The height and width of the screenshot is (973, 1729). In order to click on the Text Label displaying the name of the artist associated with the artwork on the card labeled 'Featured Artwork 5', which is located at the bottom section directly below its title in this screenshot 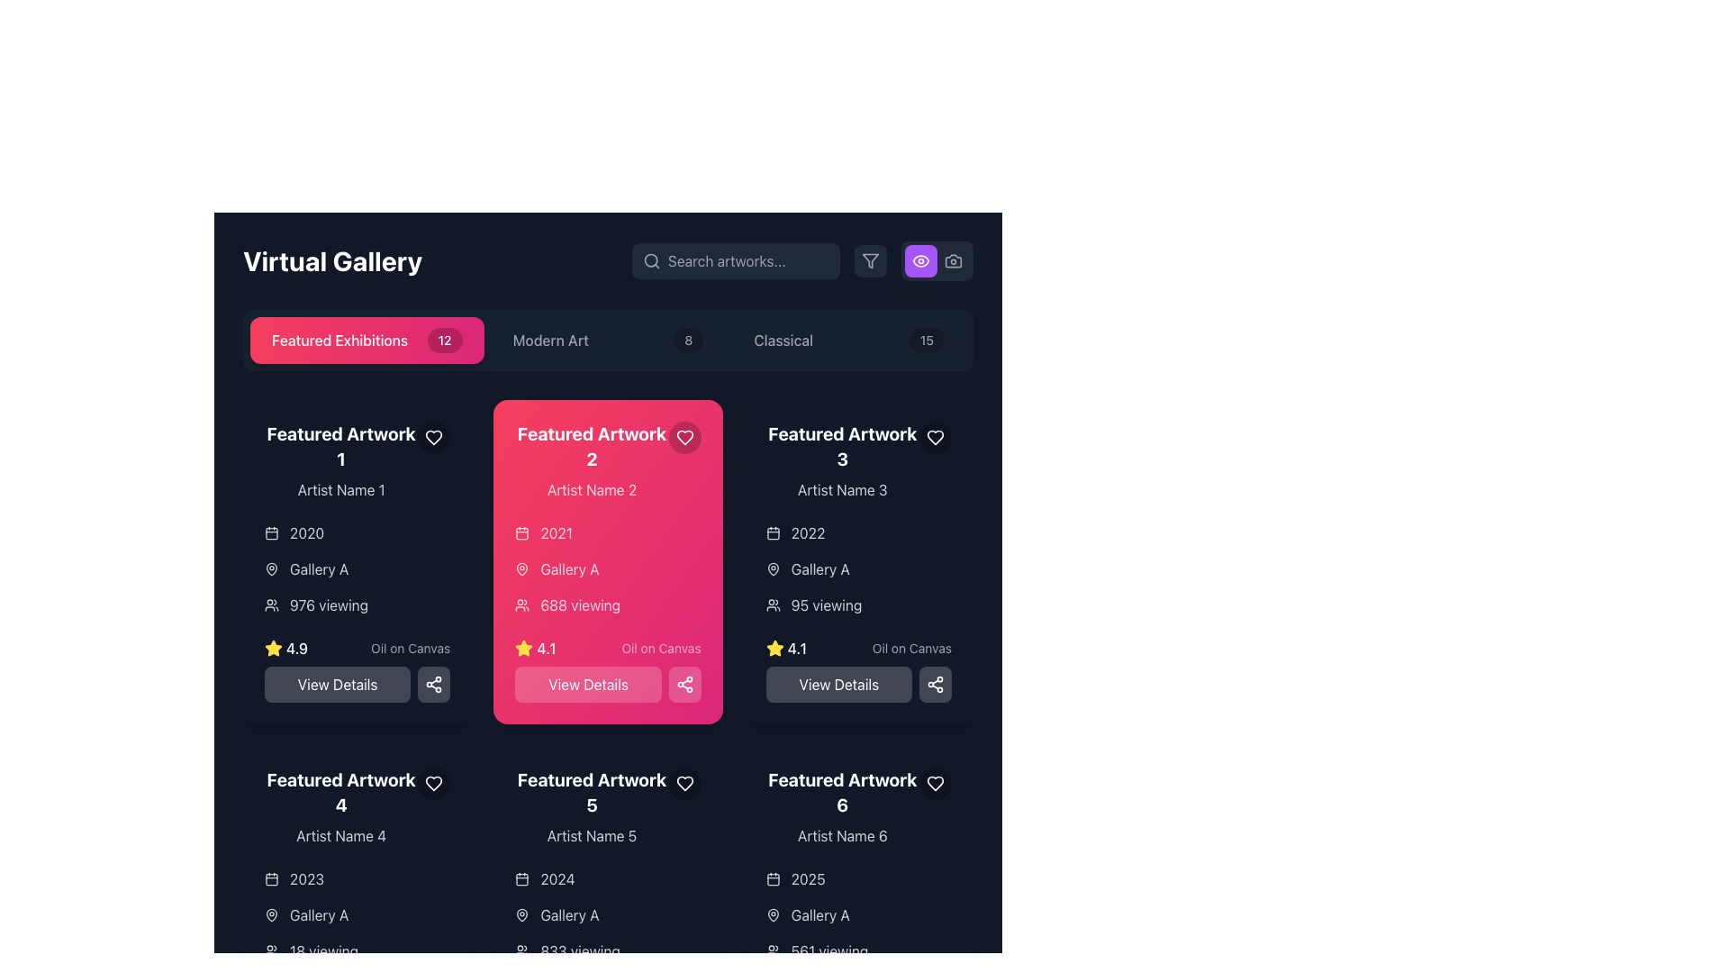, I will do `click(592, 836)`.